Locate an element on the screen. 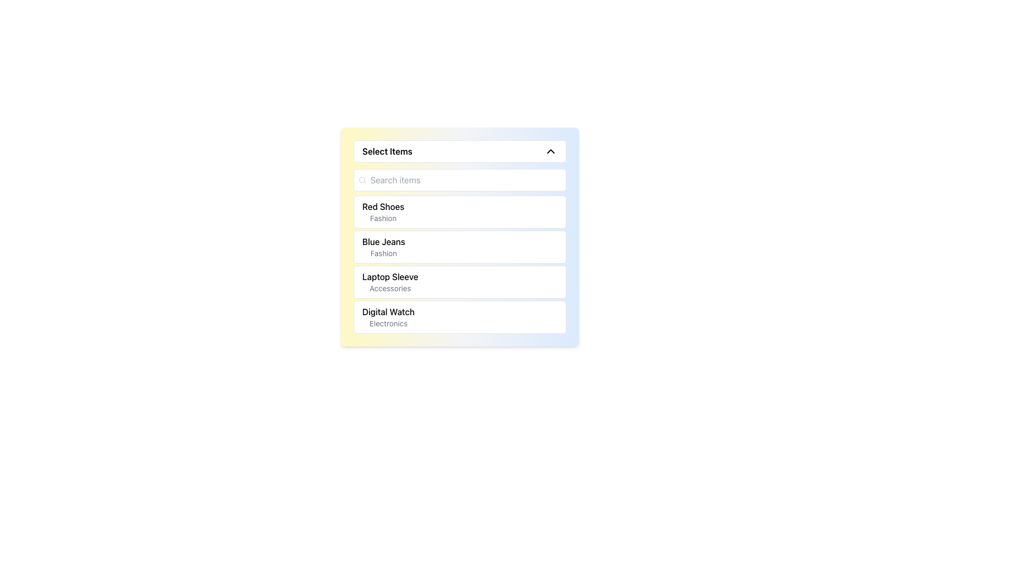 This screenshot has width=1021, height=574. the selectable list item labeled 'Blue Jeans' is located at coordinates (459, 237).